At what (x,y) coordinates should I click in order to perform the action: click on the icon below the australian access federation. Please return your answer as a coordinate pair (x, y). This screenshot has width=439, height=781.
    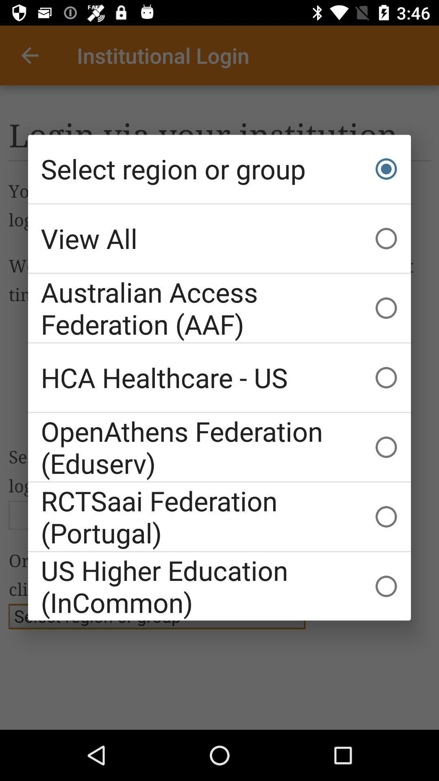
    Looking at the image, I should click on (219, 377).